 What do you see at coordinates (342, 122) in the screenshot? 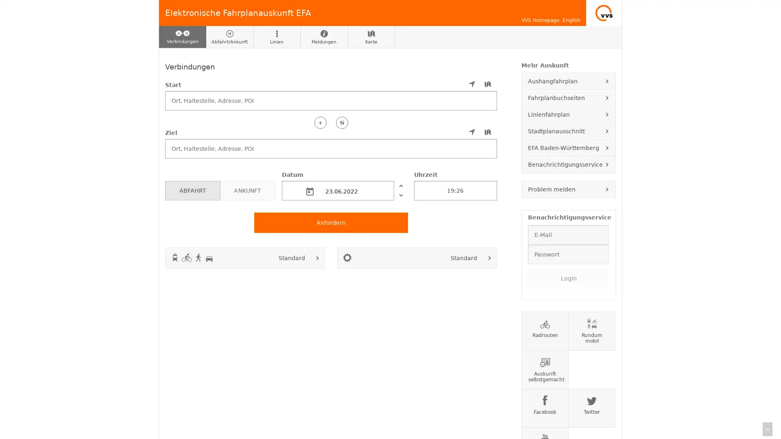
I see `Start und Ziel tauschen` at bounding box center [342, 122].